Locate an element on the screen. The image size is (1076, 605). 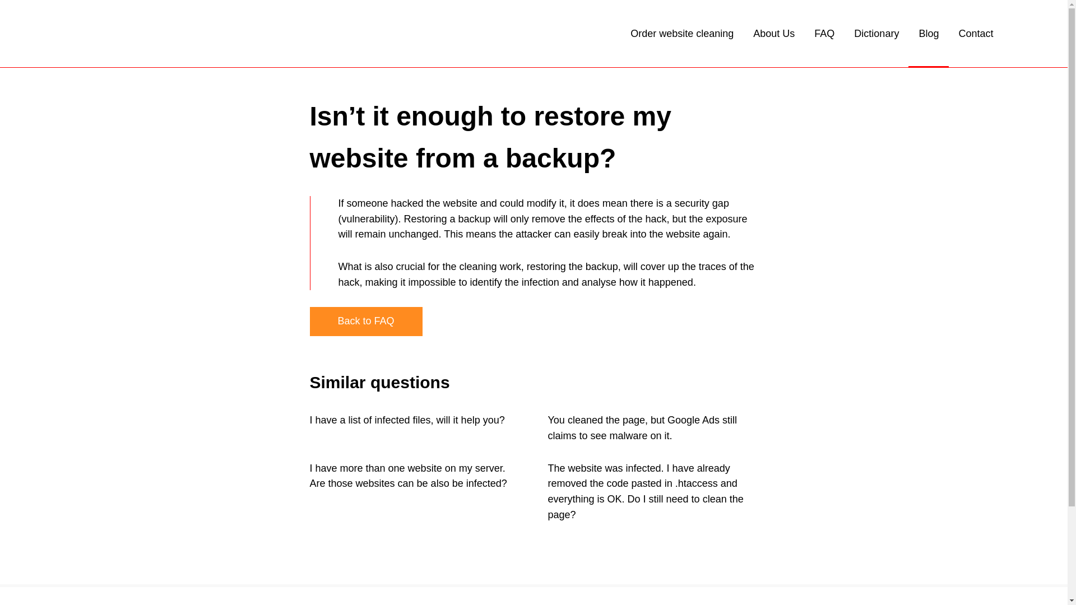
'360 WebRescue' is located at coordinates (157, 33).